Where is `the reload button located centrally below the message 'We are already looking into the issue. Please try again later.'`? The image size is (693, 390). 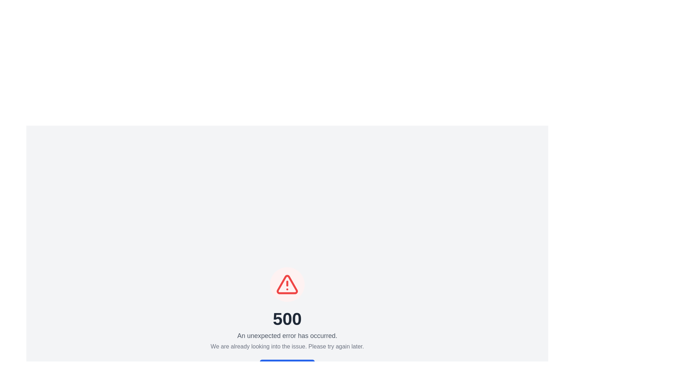 the reload button located centrally below the message 'We are already looking into the issue. Please try again later.' is located at coordinates (287, 367).